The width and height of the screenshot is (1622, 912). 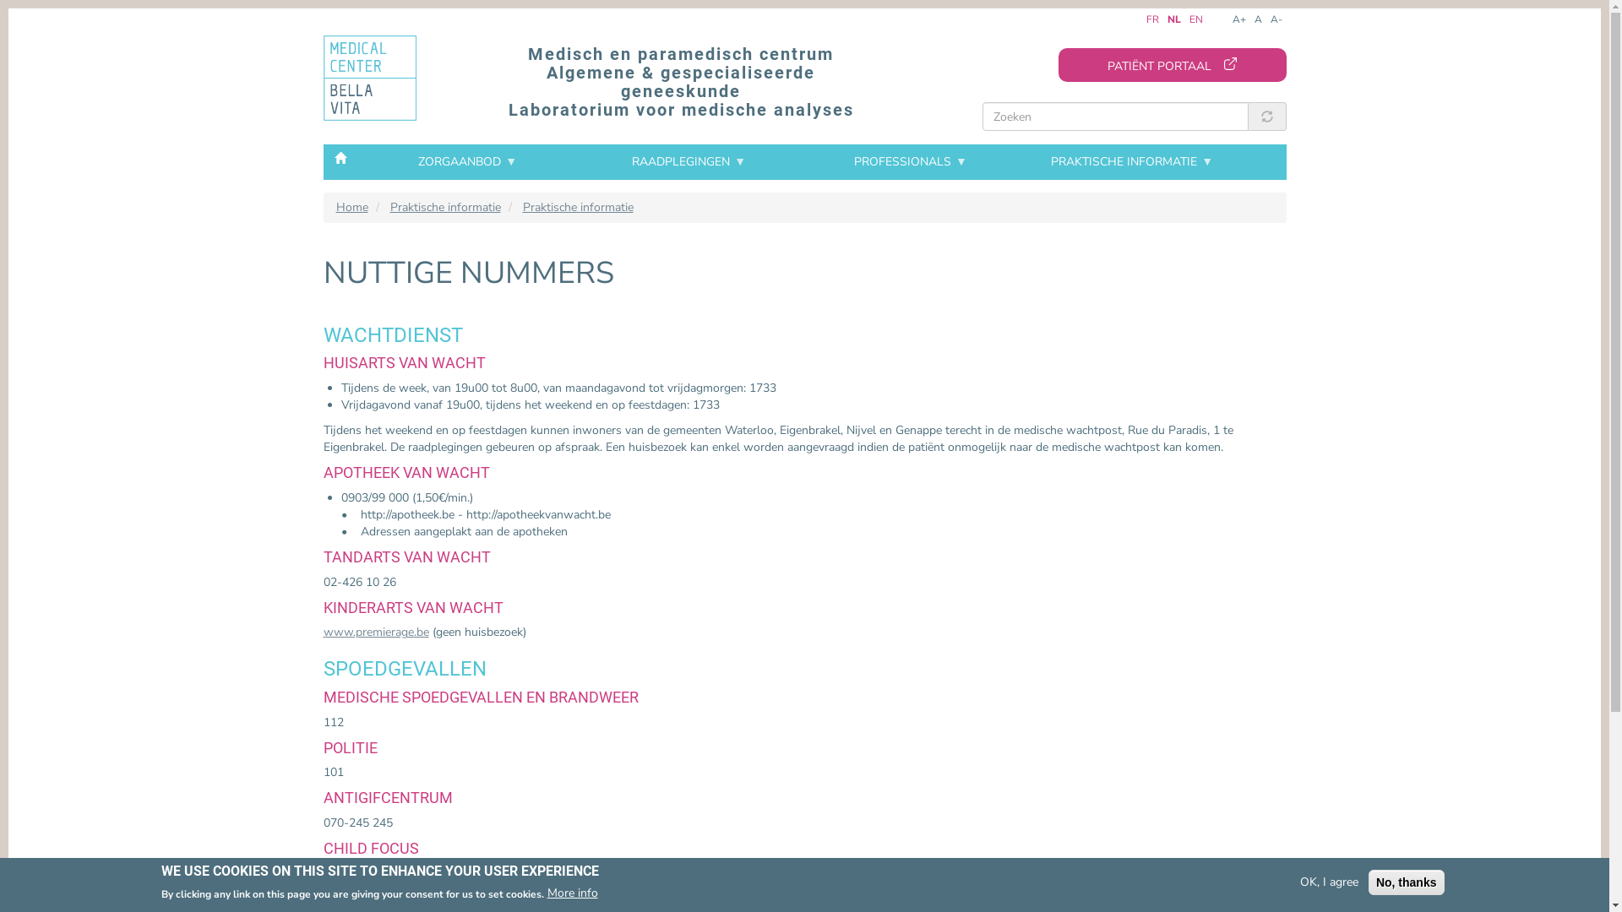 I want to click on 'ZORGAANBOD', so click(x=430, y=228).